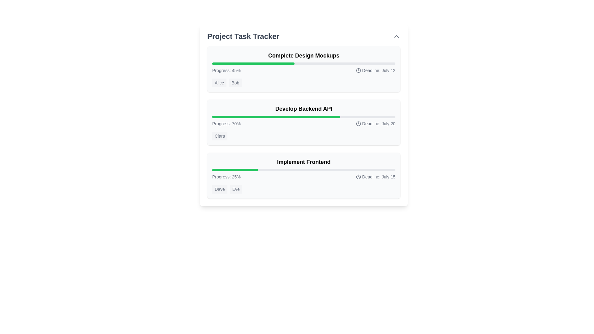 This screenshot has width=594, height=334. I want to click on the Text heading element at the top of the card, which provides a title or identifier for the task, so click(304, 108).